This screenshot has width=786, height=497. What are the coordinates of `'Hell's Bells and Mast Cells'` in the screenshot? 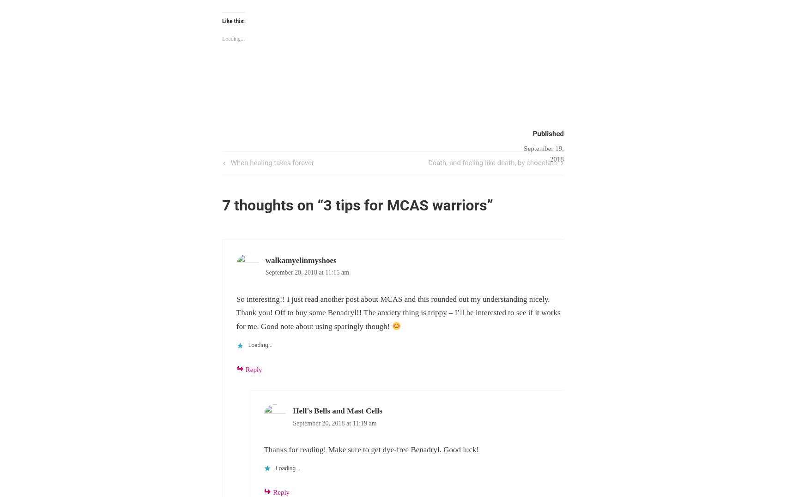 It's located at (337, 410).